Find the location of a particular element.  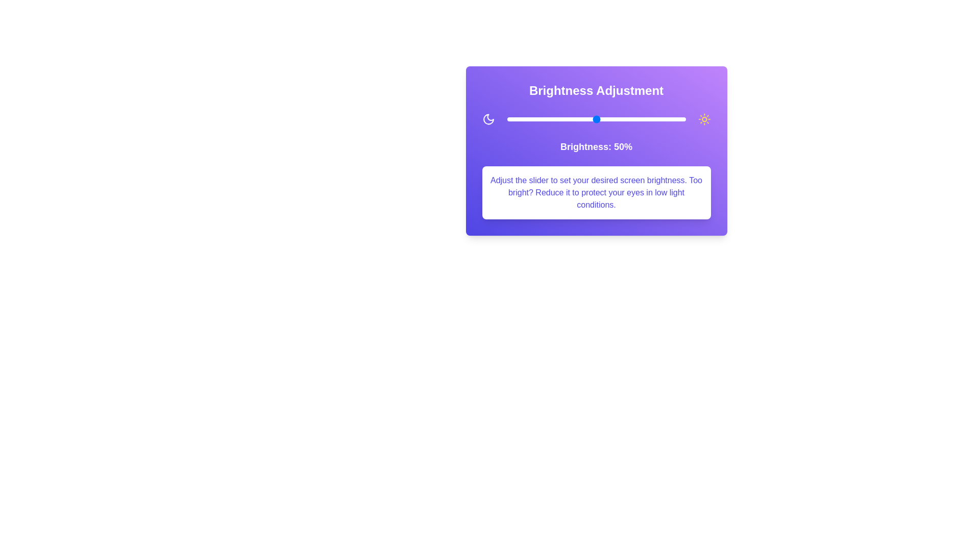

the brightness slider to set it to 2% is located at coordinates (510, 119).